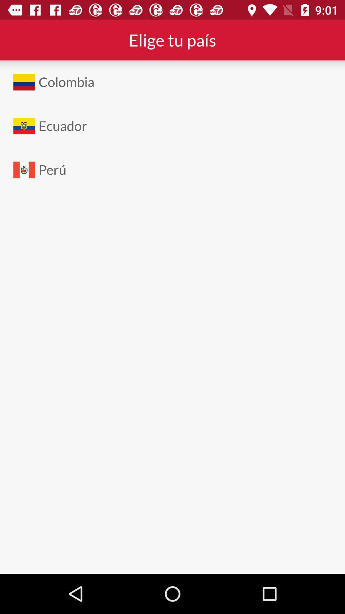 Image resolution: width=345 pixels, height=614 pixels. What do you see at coordinates (63, 126) in the screenshot?
I see `the ecuador` at bounding box center [63, 126].